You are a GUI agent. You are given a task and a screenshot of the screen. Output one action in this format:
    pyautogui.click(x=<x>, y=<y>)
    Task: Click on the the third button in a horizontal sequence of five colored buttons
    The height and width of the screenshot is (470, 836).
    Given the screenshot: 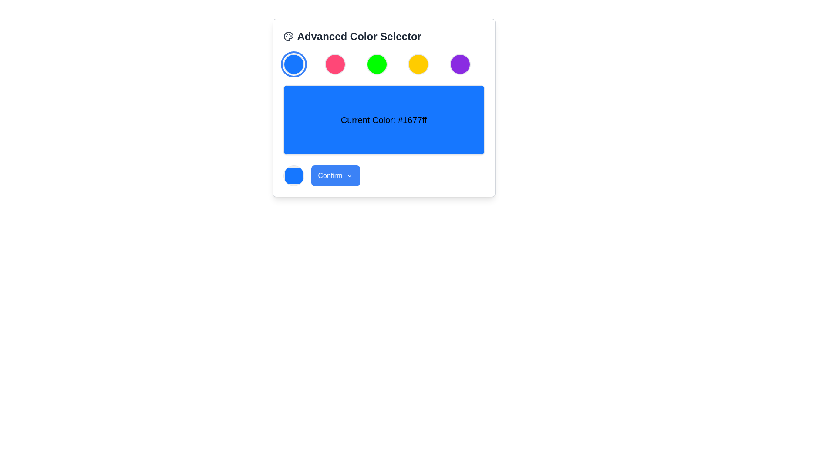 What is the action you would take?
    pyautogui.click(x=377, y=64)
    